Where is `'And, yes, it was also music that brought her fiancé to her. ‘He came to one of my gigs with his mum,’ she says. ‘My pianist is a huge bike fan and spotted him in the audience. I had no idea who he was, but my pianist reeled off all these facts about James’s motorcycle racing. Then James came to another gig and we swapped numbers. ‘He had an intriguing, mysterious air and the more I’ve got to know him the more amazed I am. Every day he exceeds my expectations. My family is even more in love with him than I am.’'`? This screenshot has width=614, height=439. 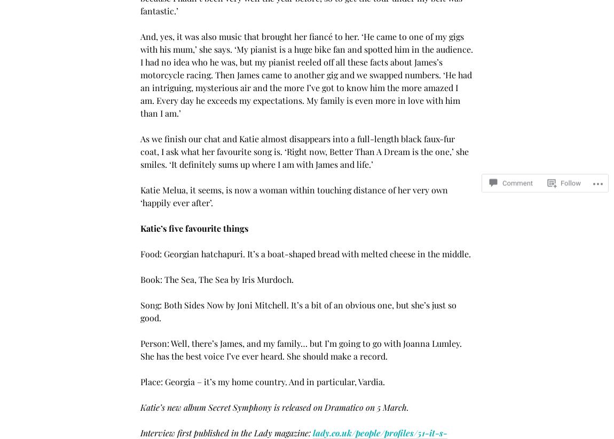
'And, yes, it was also music that brought her fiancé to her. ‘He came to one of my gigs with his mum,’ she says. ‘My pianist is a huge bike fan and spotted him in the audience. I had no idea who he was, but my pianist reeled off all these facts about James’s motorcycle racing. Then James came to another gig and we swapped numbers. ‘He had an intriguing, mysterious air and the more I’ve got to know him the more amazed I am. Every day he exceeds my expectations. My family is even more in love with him than I am.’' is located at coordinates (306, 74).